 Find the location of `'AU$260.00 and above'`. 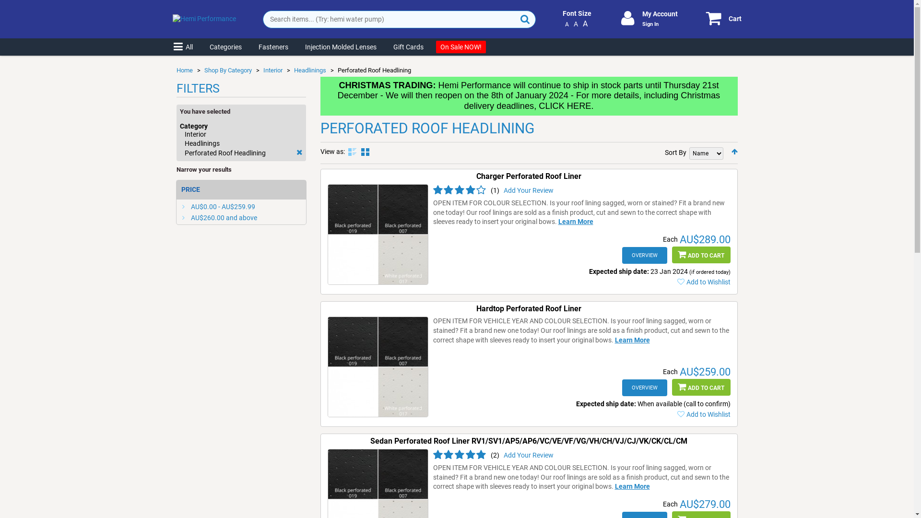

'AU$260.00 and above' is located at coordinates (223, 218).